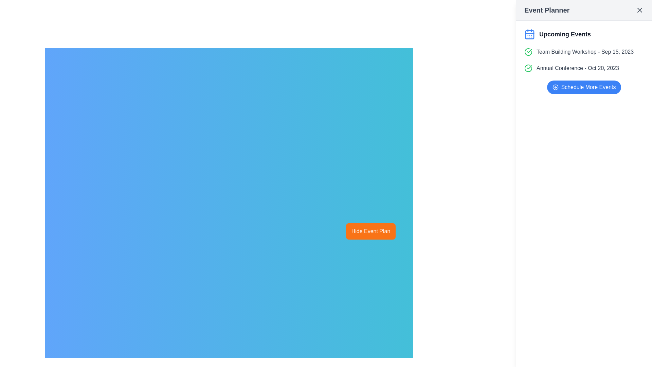  I want to click on the status icon indicating completion or confirmation for the event 'Team Building Workshop - Sep 15, 2023', located at the beginning of the row in the upcoming events list, so click(528, 52).